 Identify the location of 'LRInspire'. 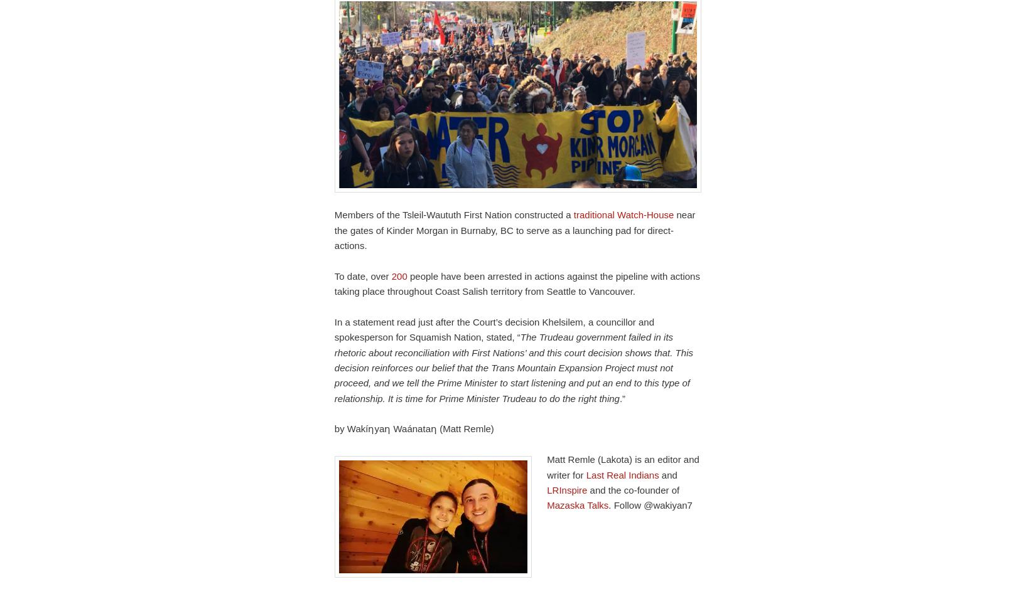
(567, 489).